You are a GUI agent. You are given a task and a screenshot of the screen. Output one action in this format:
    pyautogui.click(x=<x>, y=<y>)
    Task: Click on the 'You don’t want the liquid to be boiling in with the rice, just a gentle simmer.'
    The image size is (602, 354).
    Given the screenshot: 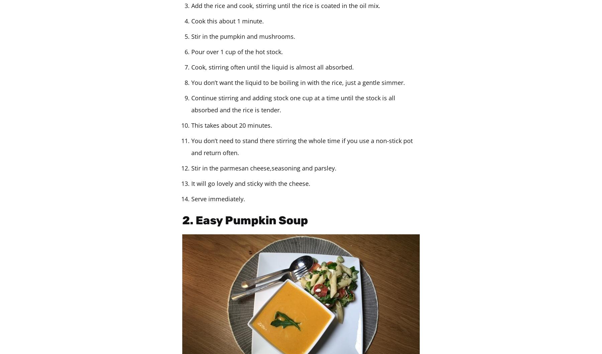 What is the action you would take?
    pyautogui.click(x=298, y=82)
    